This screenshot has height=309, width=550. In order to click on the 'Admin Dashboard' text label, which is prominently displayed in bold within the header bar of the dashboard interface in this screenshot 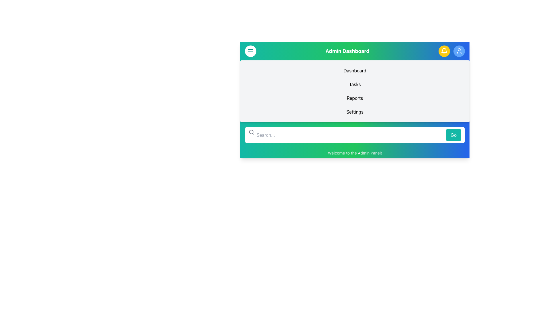, I will do `click(354, 51)`.